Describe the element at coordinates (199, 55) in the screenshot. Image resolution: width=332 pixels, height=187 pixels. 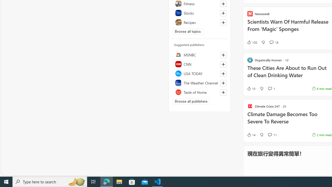
I see `'MSNBC'` at that location.